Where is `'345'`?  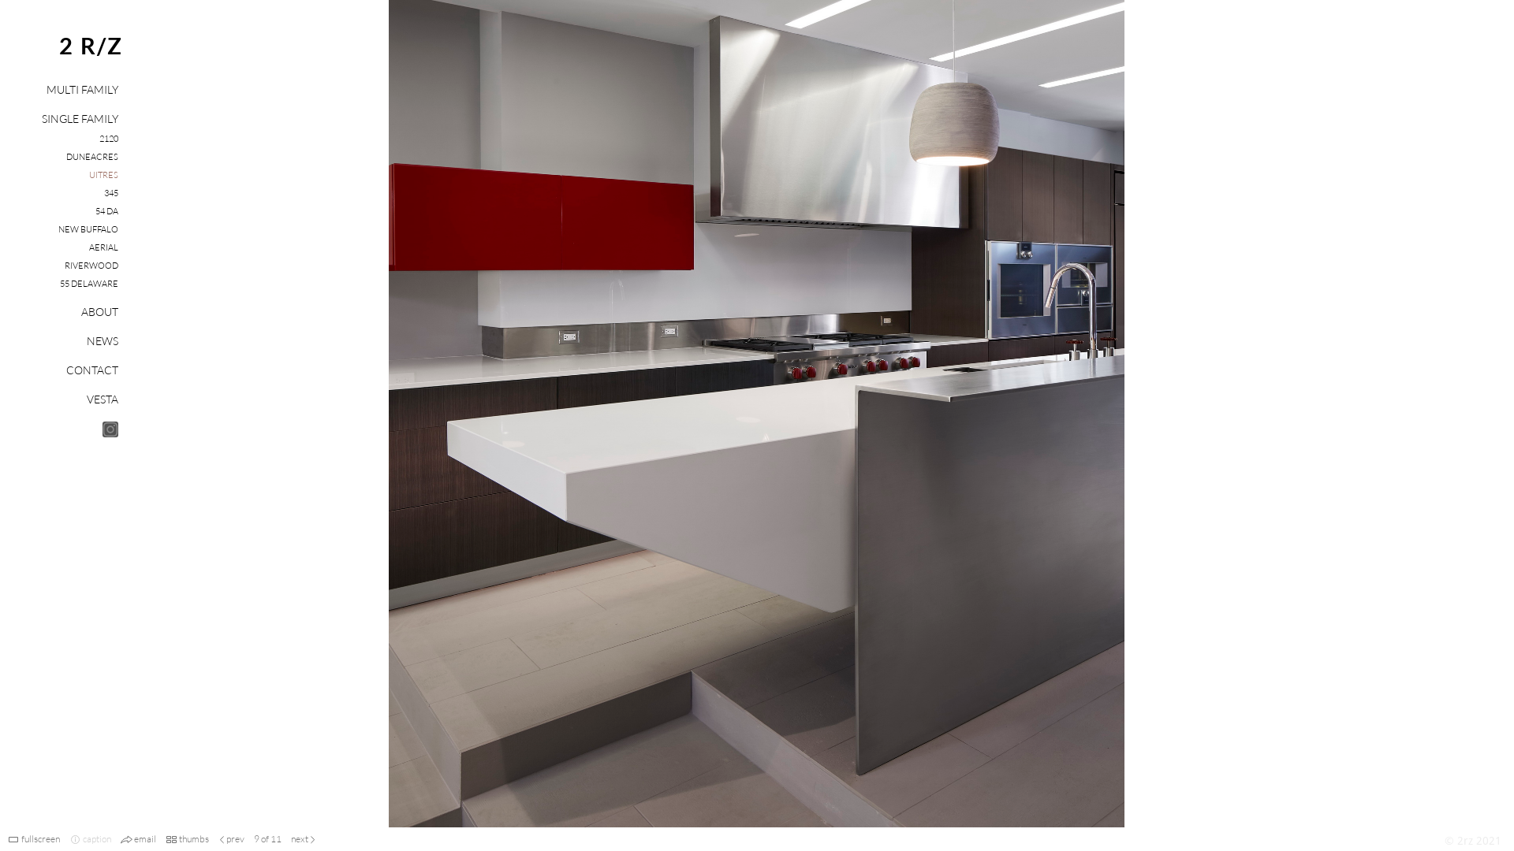
'345' is located at coordinates (110, 192).